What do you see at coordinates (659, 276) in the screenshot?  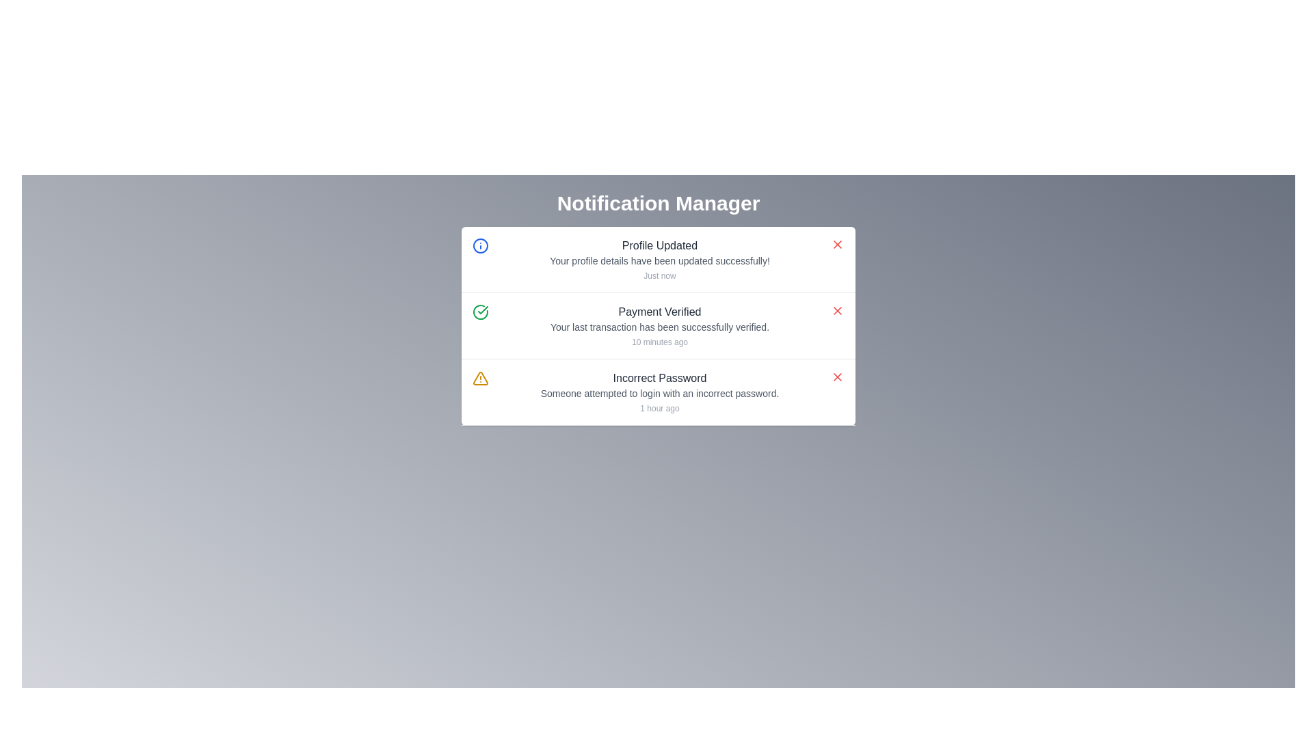 I see `the text label displaying 'Just now', which is located directly below the message 'Your profile details have been updated successfully!' in the 'Profile Updated' notification box` at bounding box center [659, 276].